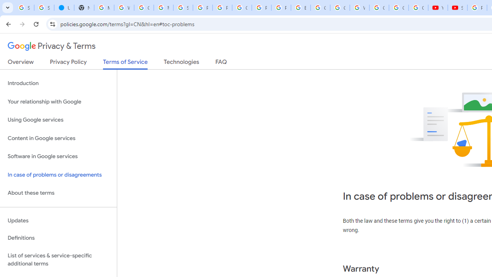  Describe the element at coordinates (58, 101) in the screenshot. I see `'Your relationship with Google'` at that location.